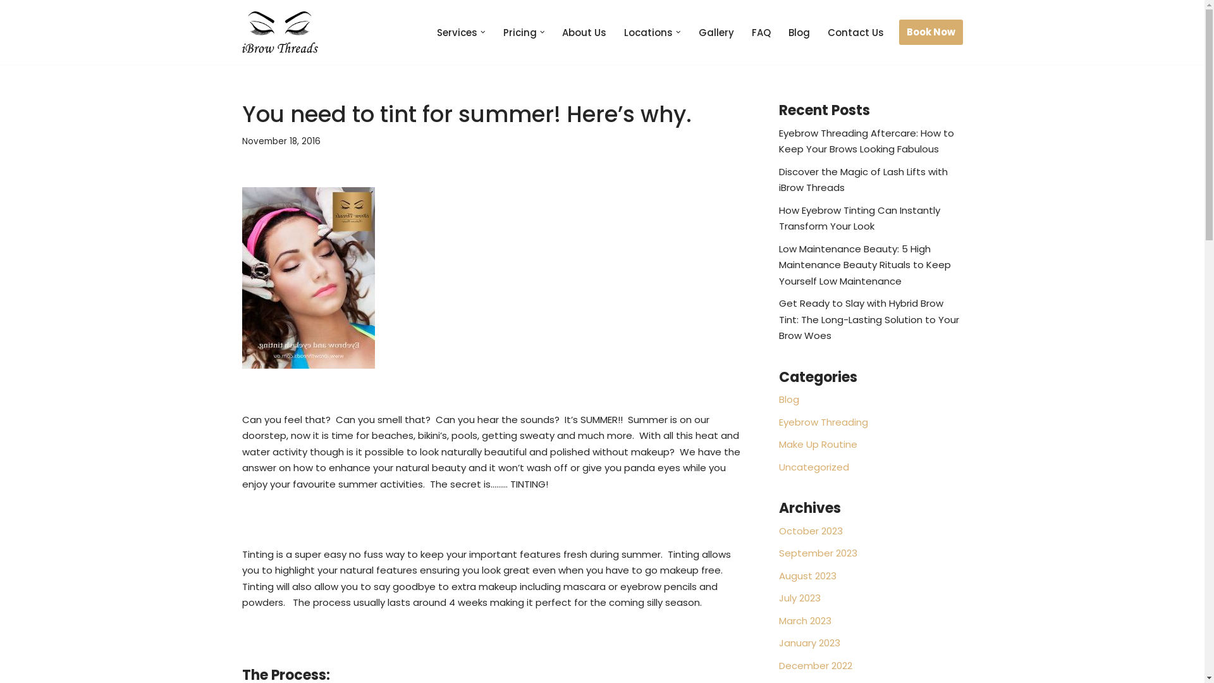 This screenshot has height=683, width=1214. What do you see at coordinates (778, 399) in the screenshot?
I see `'Blog'` at bounding box center [778, 399].